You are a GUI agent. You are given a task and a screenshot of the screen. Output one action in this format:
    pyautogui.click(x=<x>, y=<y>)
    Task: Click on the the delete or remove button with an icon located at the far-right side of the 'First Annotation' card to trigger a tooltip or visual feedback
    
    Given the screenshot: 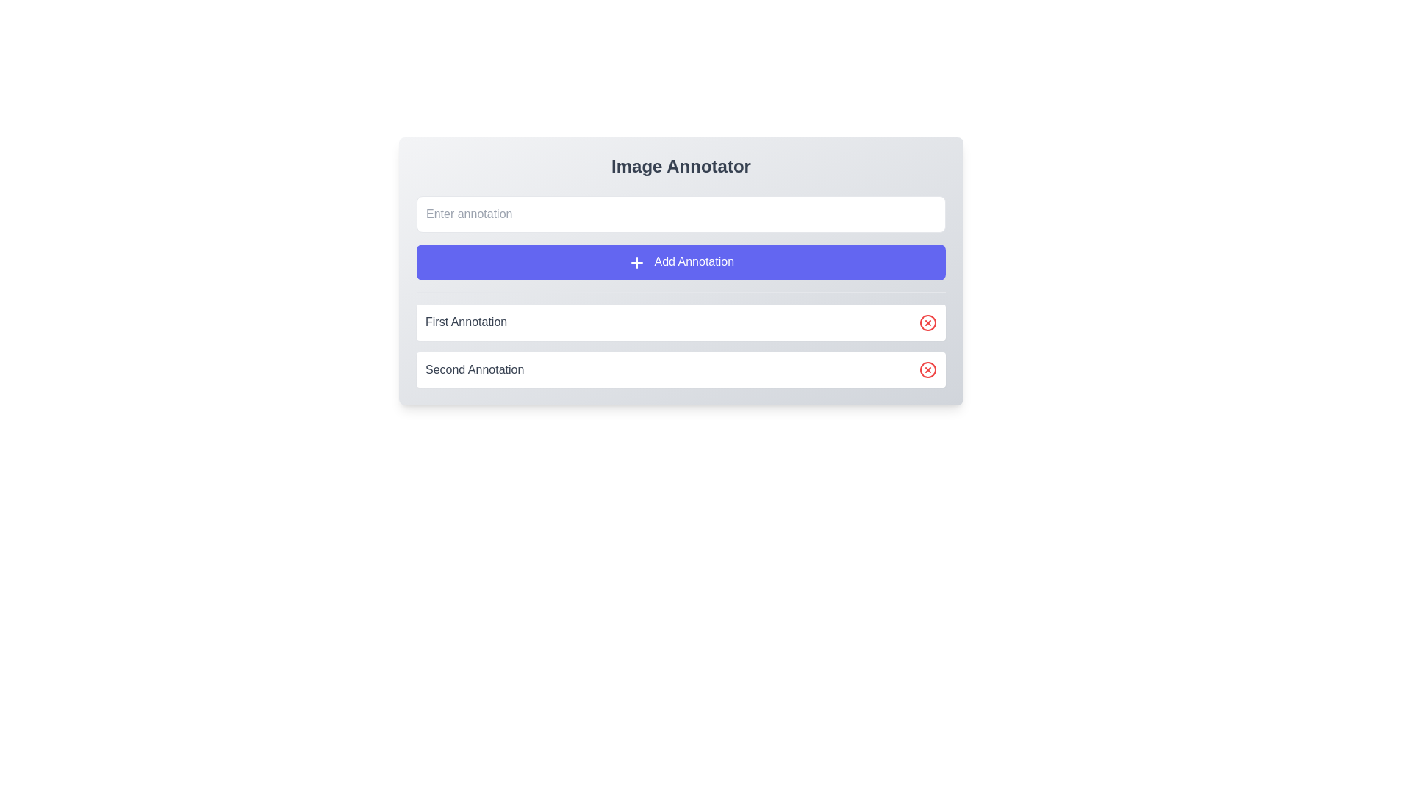 What is the action you would take?
    pyautogui.click(x=927, y=322)
    